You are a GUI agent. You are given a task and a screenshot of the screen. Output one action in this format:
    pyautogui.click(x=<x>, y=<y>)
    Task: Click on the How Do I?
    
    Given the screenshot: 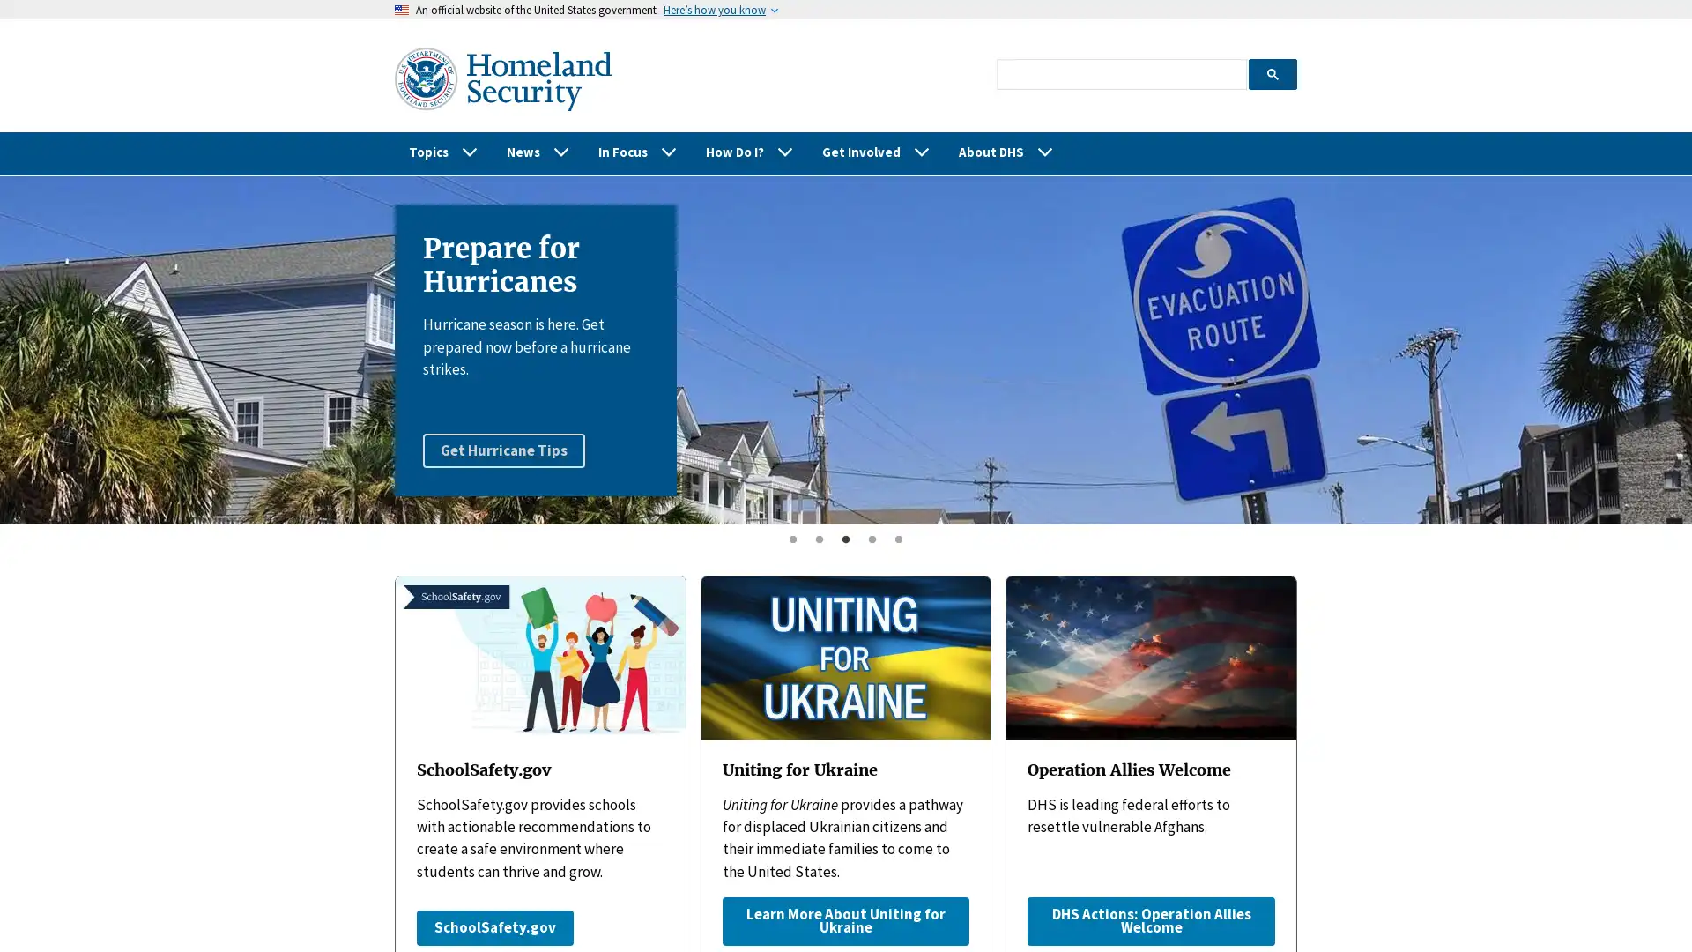 What is the action you would take?
    pyautogui.click(x=749, y=151)
    